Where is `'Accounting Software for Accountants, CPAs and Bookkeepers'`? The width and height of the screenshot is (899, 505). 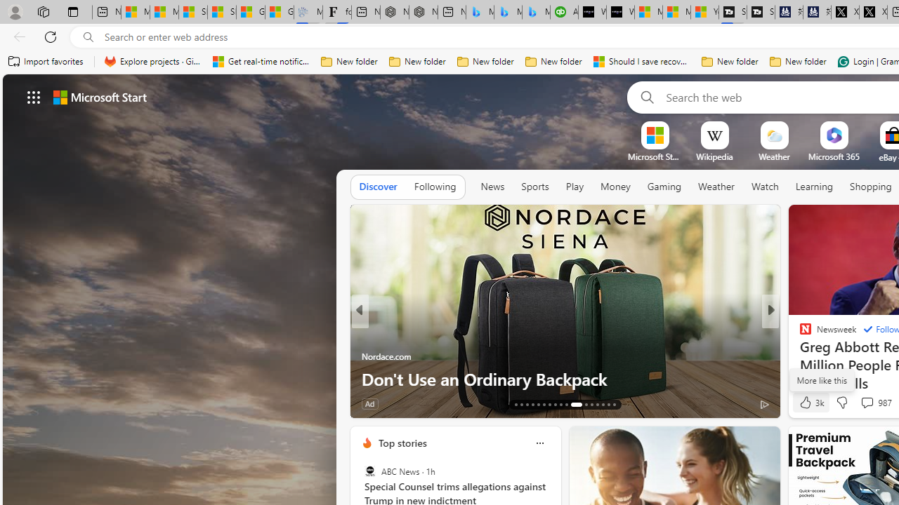 'Accounting Software for Accountants, CPAs and Bookkeepers' is located at coordinates (564, 12).